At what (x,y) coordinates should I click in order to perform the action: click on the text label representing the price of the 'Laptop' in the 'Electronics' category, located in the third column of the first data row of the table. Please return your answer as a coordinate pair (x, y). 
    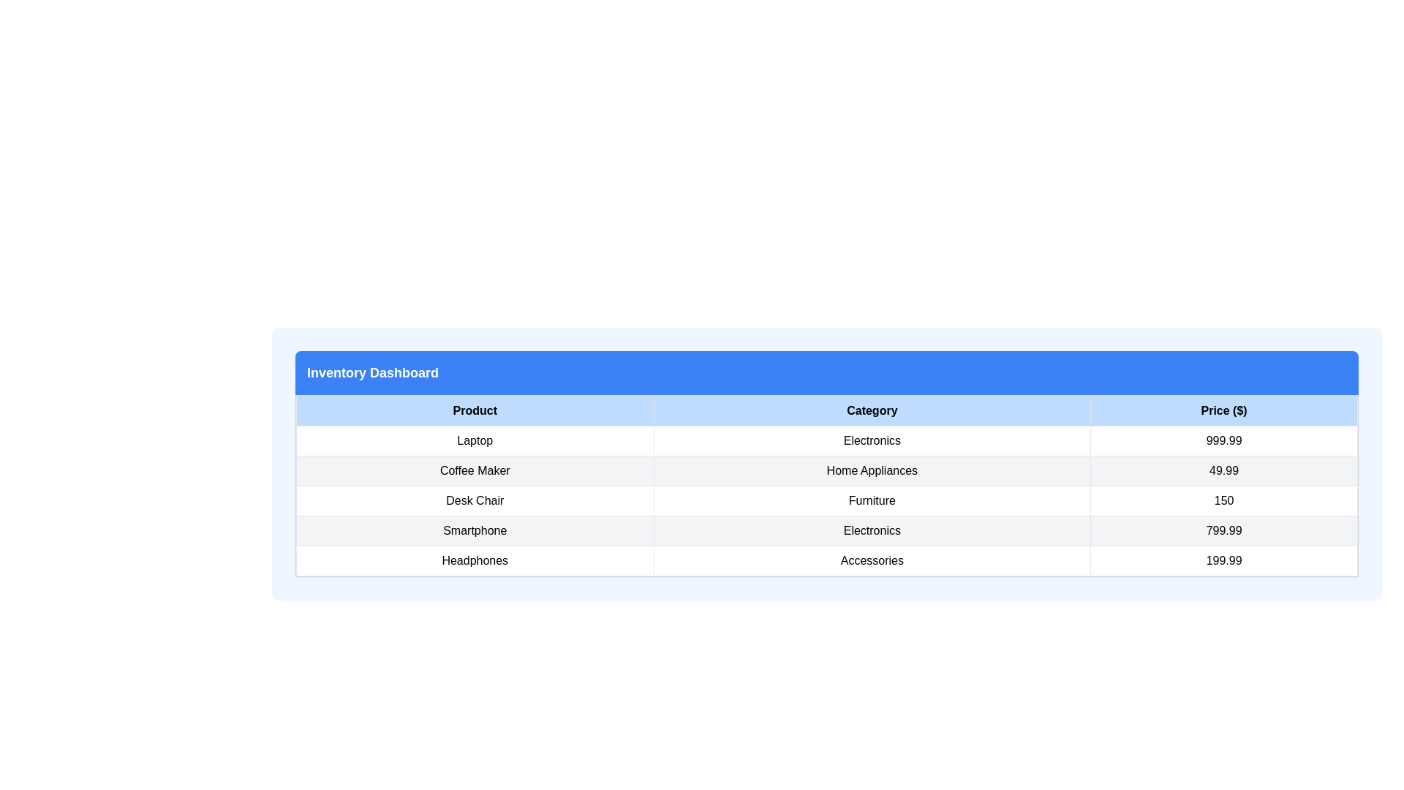
    Looking at the image, I should click on (1224, 440).